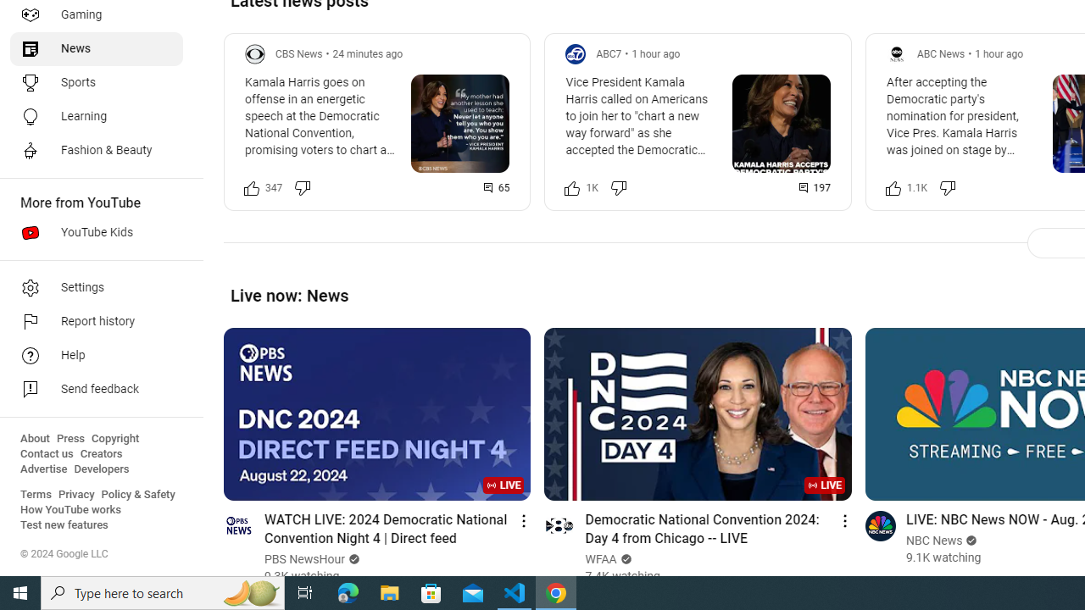 The image size is (1085, 610). I want to click on 'PBS NewsHour', so click(305, 559).